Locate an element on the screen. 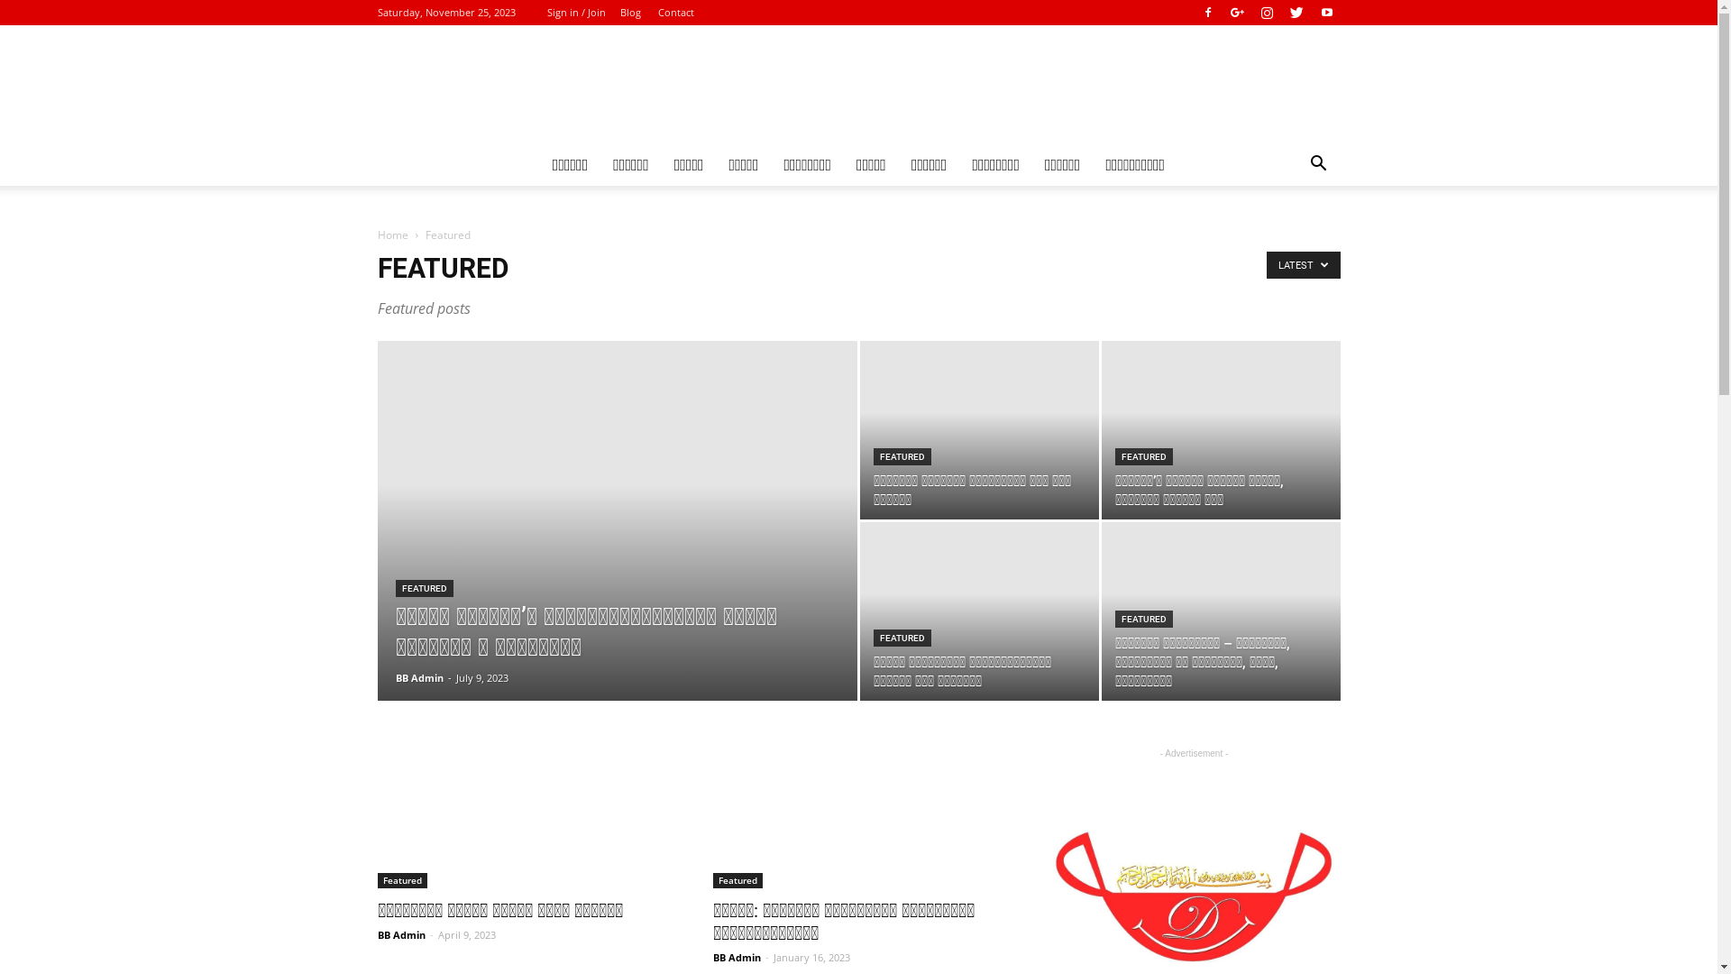 Image resolution: width=1731 pixels, height=974 pixels. 'Google+' is located at coordinates (1236, 13).